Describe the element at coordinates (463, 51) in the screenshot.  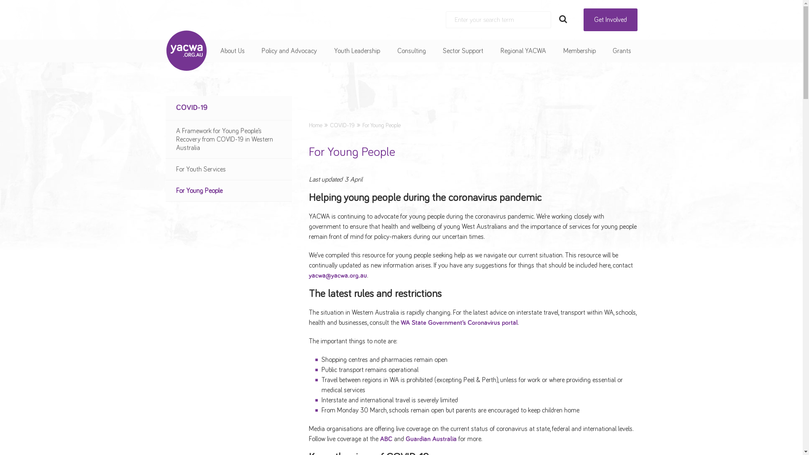
I see `'Sector Support'` at that location.